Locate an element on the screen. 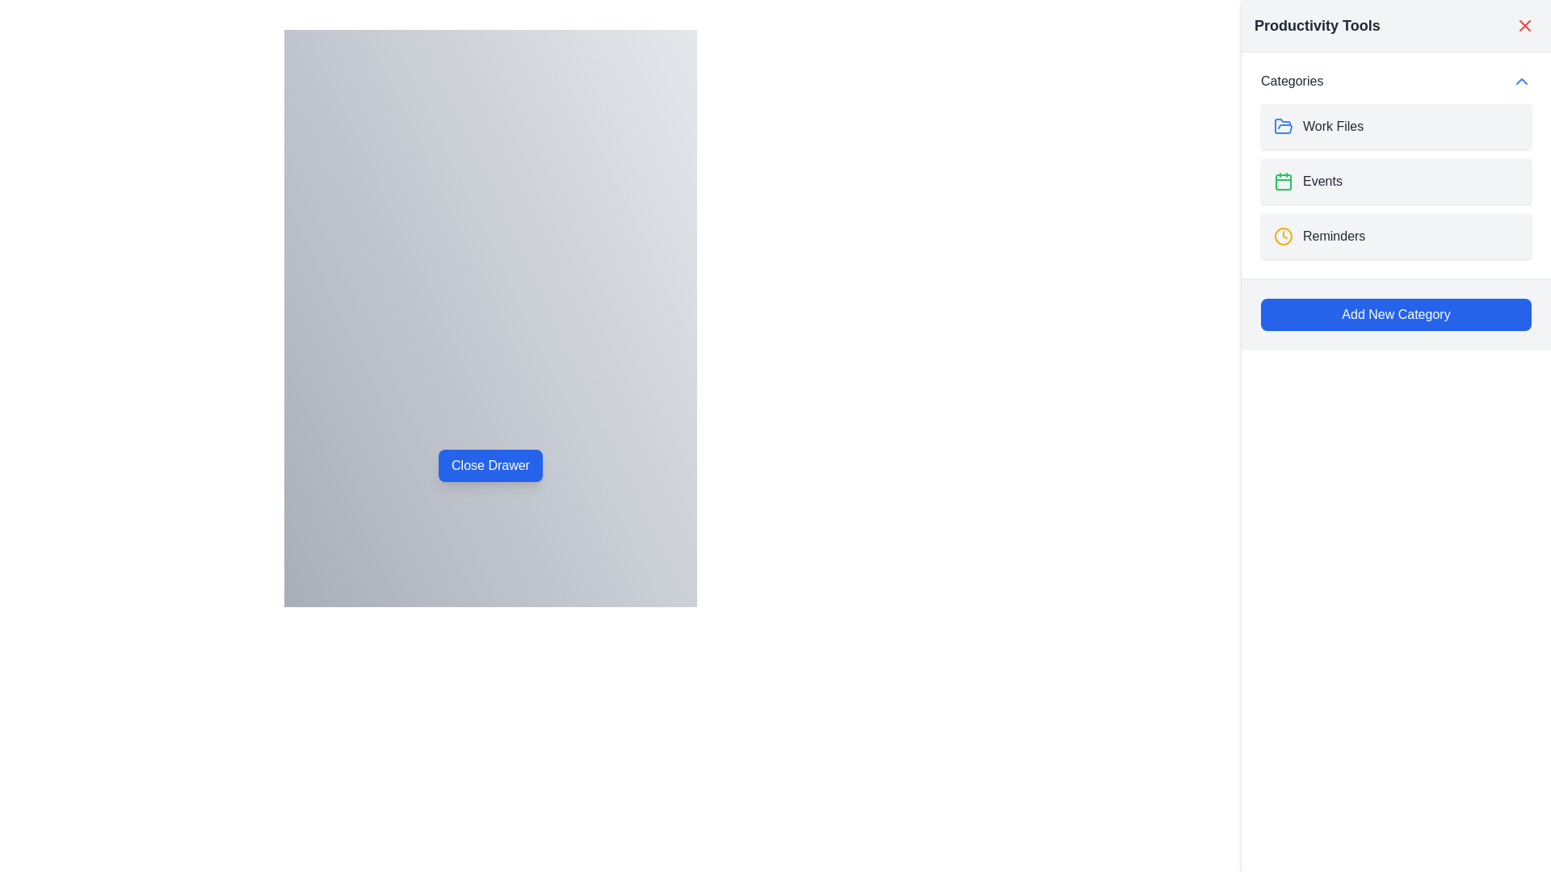  the SVG rectangle that forms part of the calendar icon located in the right panel under the 'Categories' section, associated with the 'Events' label is located at coordinates (1282, 182).